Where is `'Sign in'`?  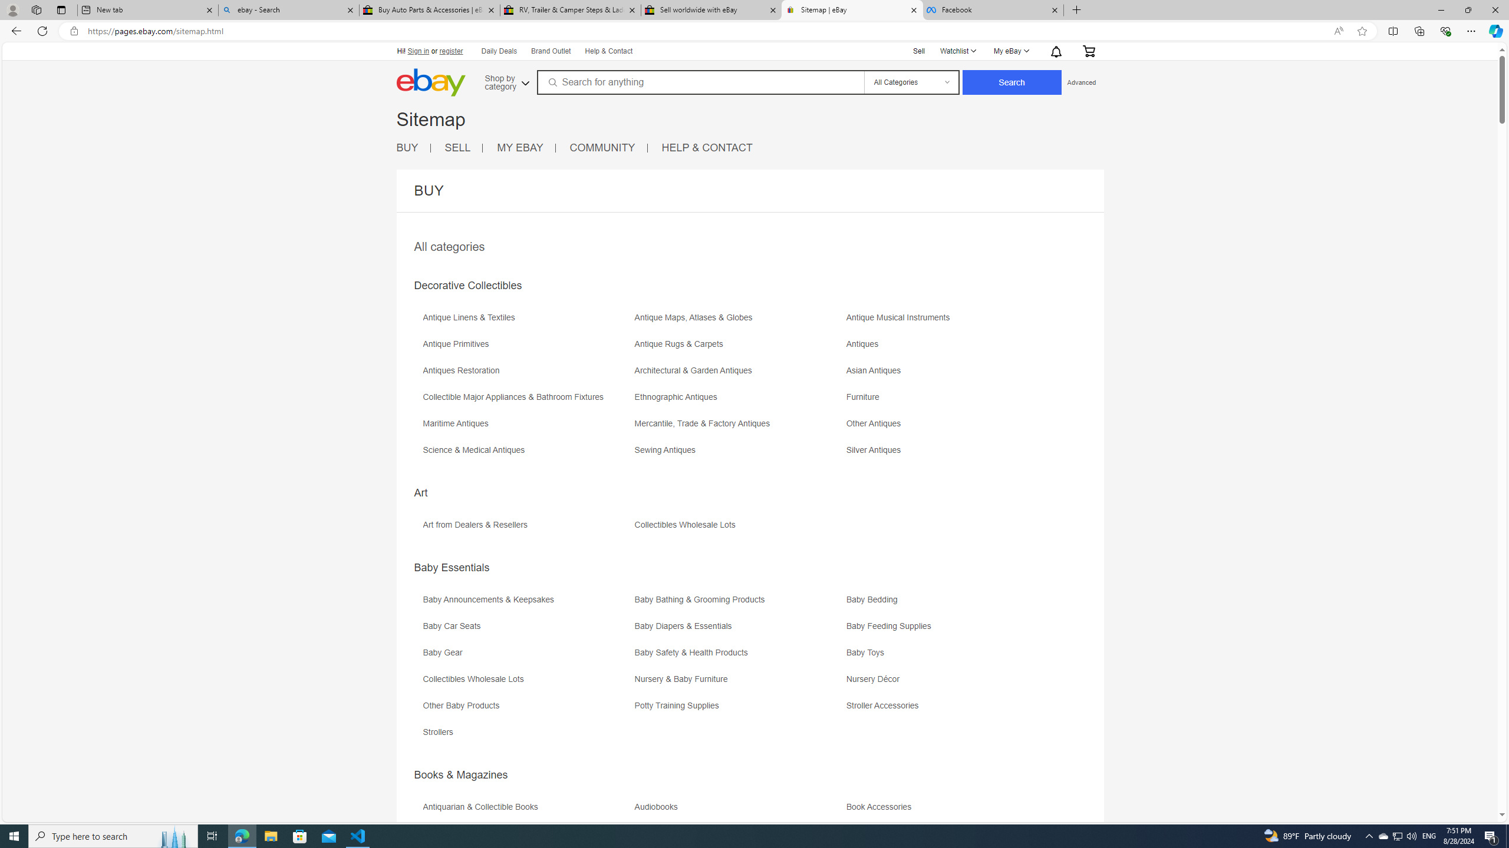
'Sign in' is located at coordinates (418, 51).